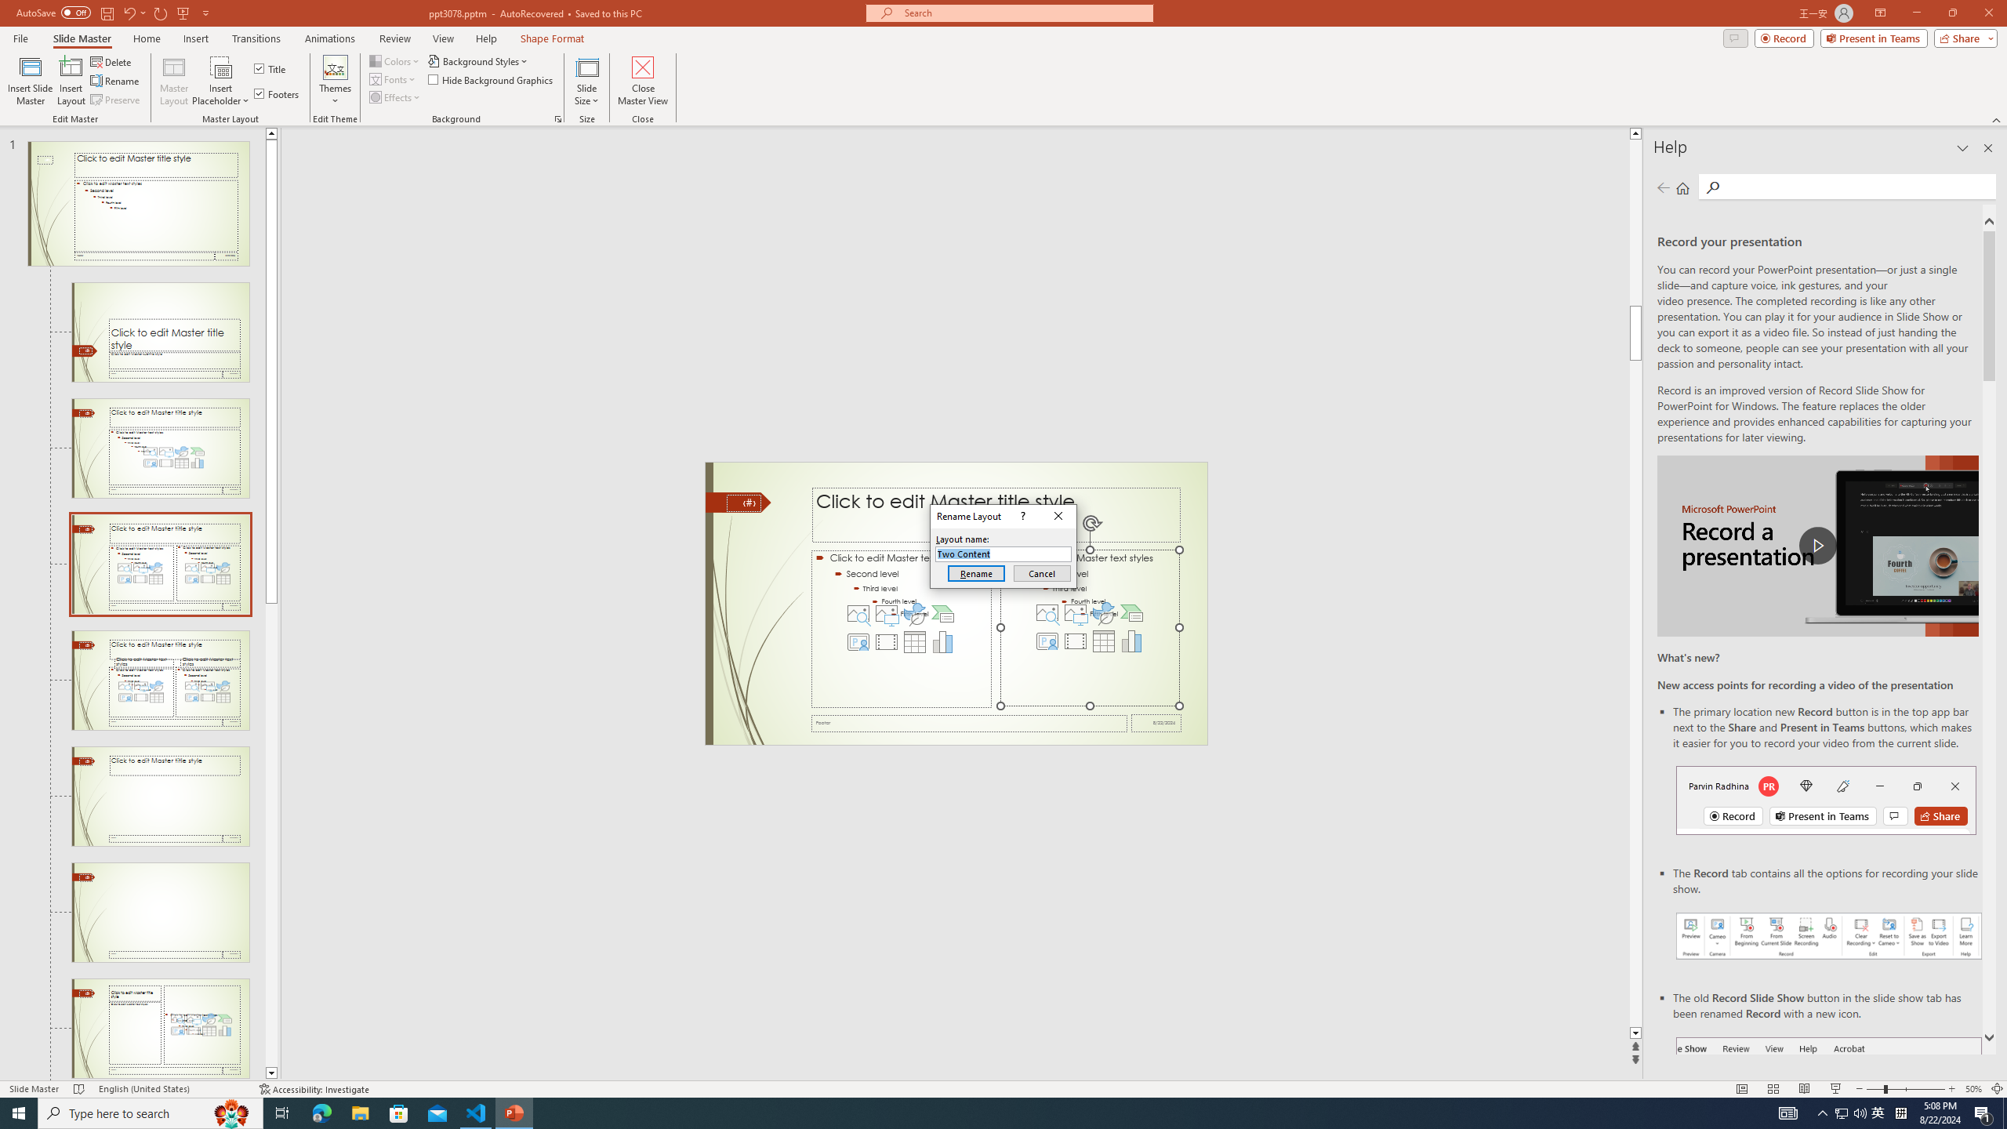 The height and width of the screenshot is (1129, 2007). I want to click on 'Slide Master', so click(81, 38).